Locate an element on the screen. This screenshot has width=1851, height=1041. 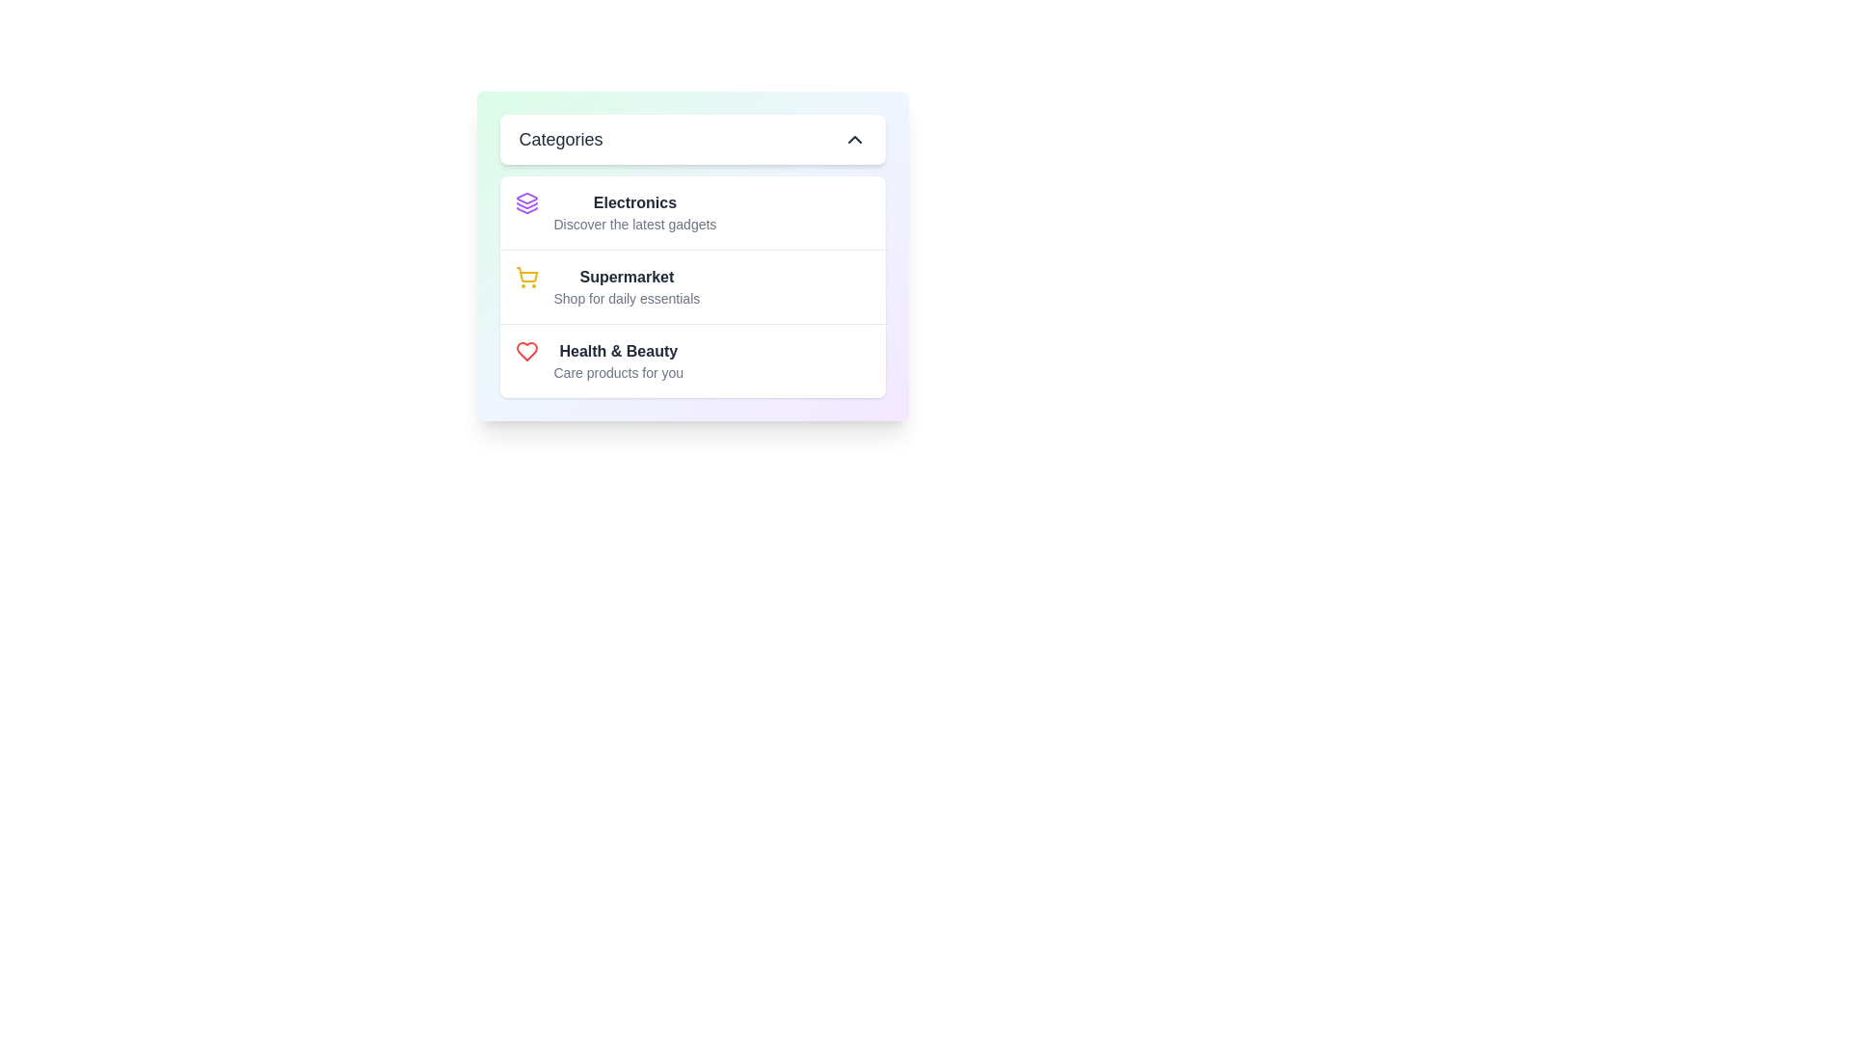
textual content of the 'Supermarket' menu item, which includes the title in bold dark gray and a subtitle in smaller gray font, along with a yellow shopping cart icon is located at coordinates (692, 286).